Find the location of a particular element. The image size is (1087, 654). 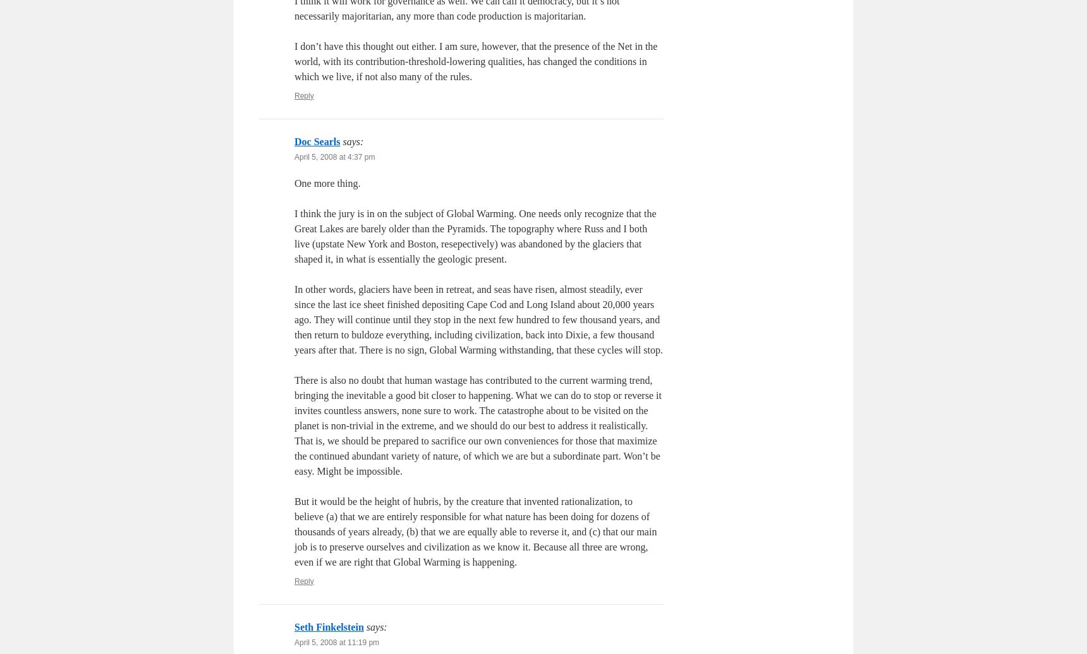

'There is also no doubt that human wastage has contributed to the current warming trend, bringing the inevitable a good bit closer to happening. What we can do to stop or reverse it invites countless answers, none sure to work. The catastrophe about to be visited on the planet is non-trivial in the extreme, and we should do our best to address it realistically. That is, we should be prepared to sacrifice our own conveniences for those that maximize the continued abundant variety of nature, of which we are but a subordinate part. Won’t be easy. Might be impossible.' is located at coordinates (477, 425).